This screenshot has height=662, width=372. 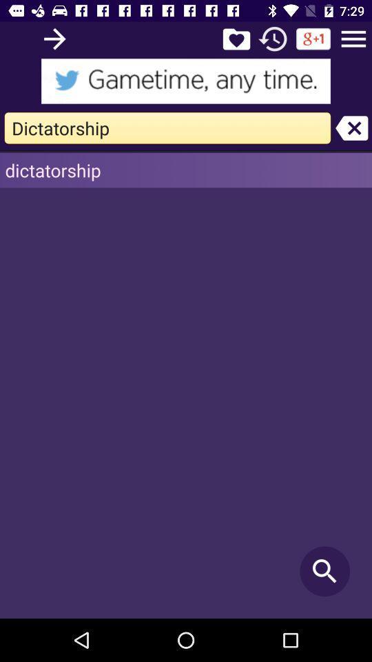 What do you see at coordinates (353, 38) in the screenshot?
I see `menu` at bounding box center [353, 38].